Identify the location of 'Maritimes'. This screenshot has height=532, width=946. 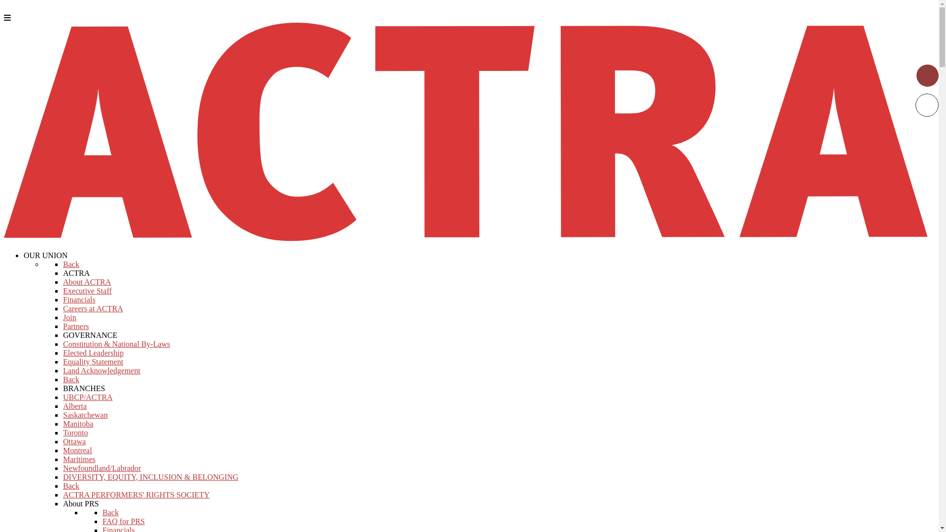
(79, 459).